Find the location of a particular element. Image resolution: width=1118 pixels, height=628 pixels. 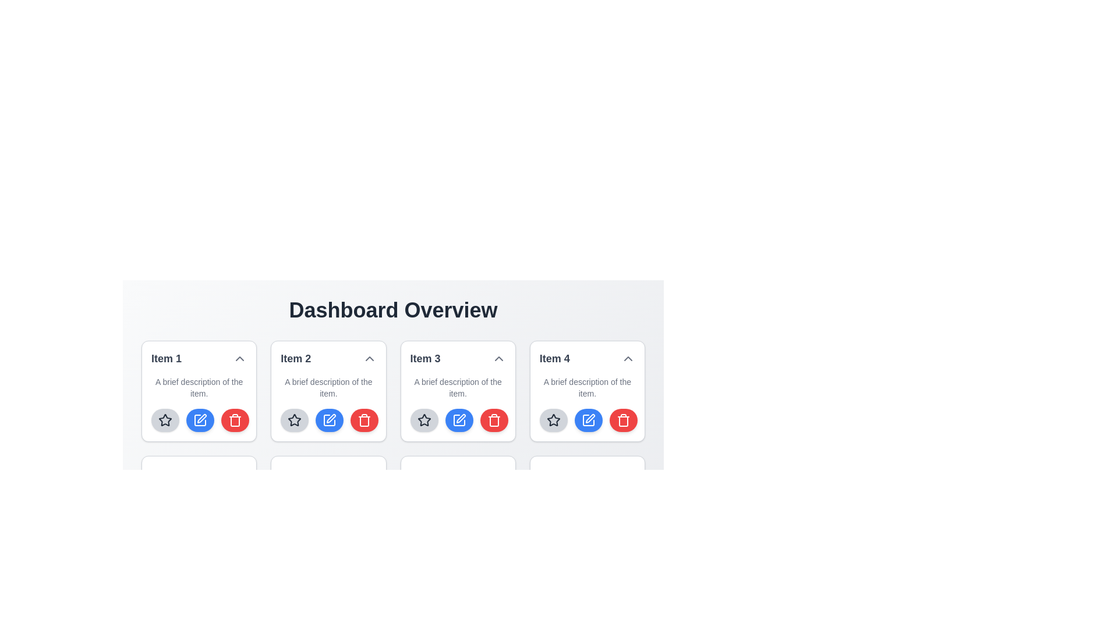

the edit button located at the bottom of the card for 'Item 2' is located at coordinates (200, 536).